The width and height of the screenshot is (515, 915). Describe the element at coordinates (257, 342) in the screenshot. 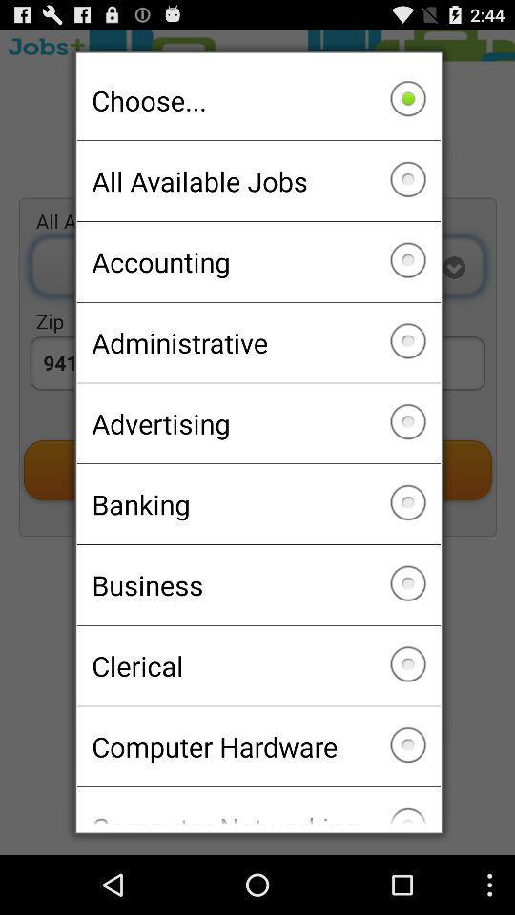

I see `icon below the accounting` at that location.